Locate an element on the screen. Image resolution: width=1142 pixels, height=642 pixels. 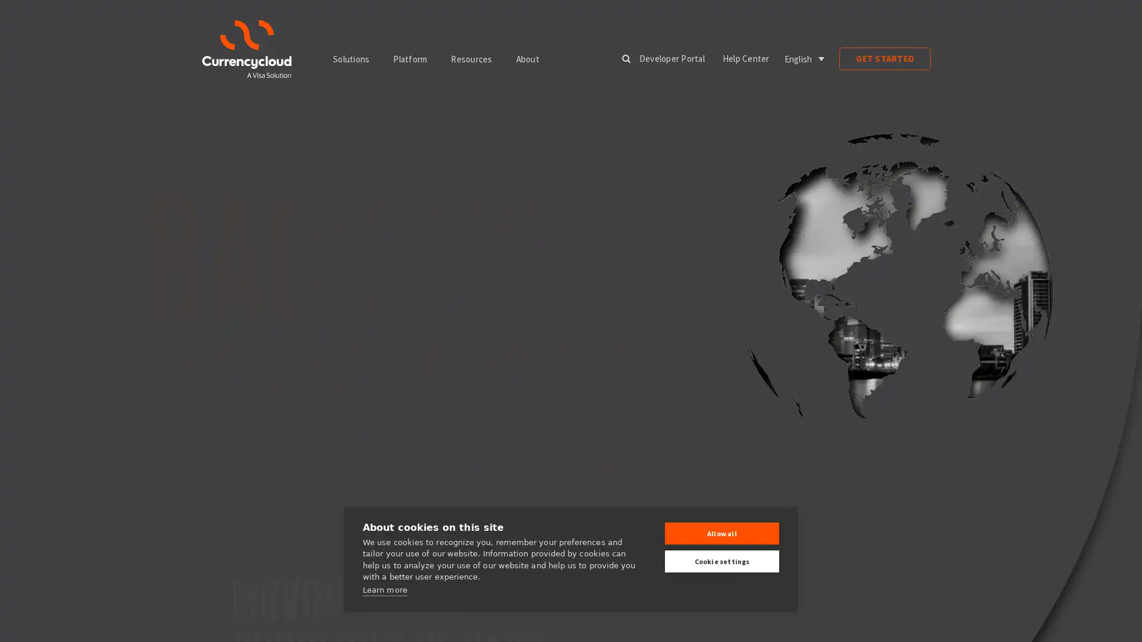
Cookie settings is located at coordinates (721, 561).